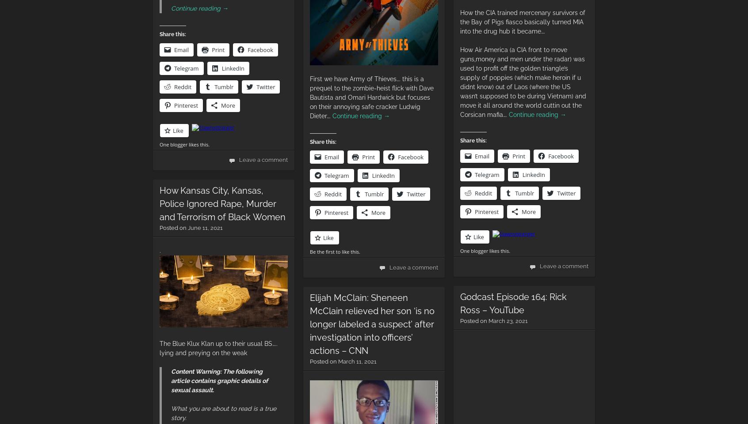  I want to click on 'Godcast Episode 164: Rick Ross – YouTube', so click(513, 303).